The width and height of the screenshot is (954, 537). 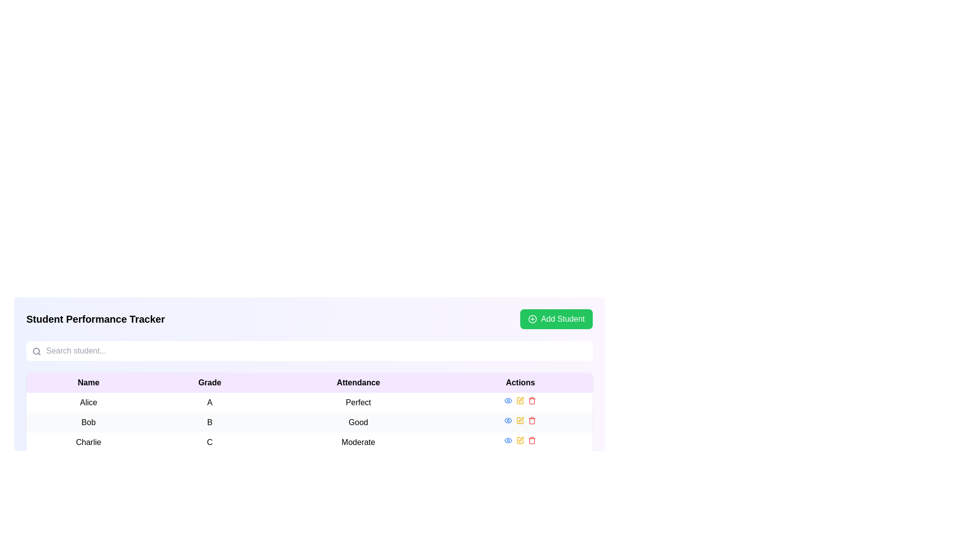 I want to click on the red trash can icon button in the 'Actions' column of the second row of the table, so click(x=532, y=420).